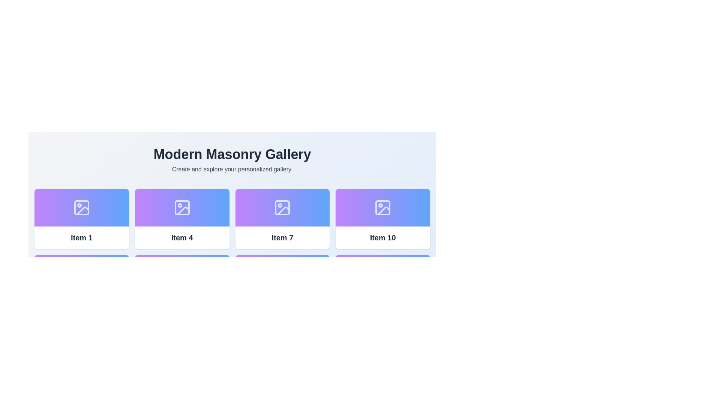 The height and width of the screenshot is (405, 720). What do you see at coordinates (182, 237) in the screenshot?
I see `the Text label displaying the name 'Item 4', which is located in the middle of the second row of cards in a grid layout` at bounding box center [182, 237].